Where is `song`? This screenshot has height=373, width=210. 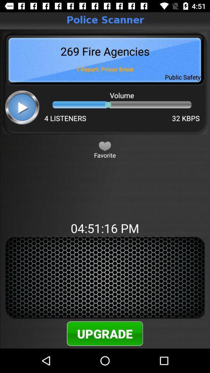
song is located at coordinates (22, 107).